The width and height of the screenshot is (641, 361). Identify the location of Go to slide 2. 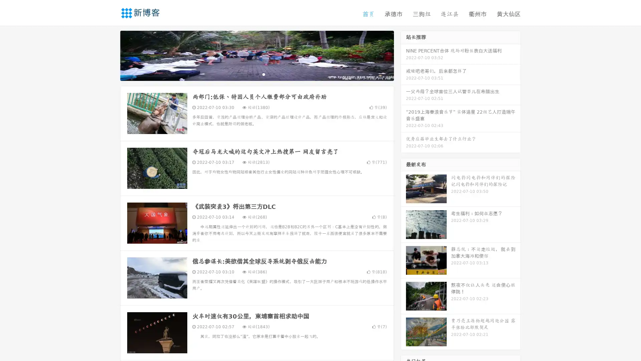
(256, 75).